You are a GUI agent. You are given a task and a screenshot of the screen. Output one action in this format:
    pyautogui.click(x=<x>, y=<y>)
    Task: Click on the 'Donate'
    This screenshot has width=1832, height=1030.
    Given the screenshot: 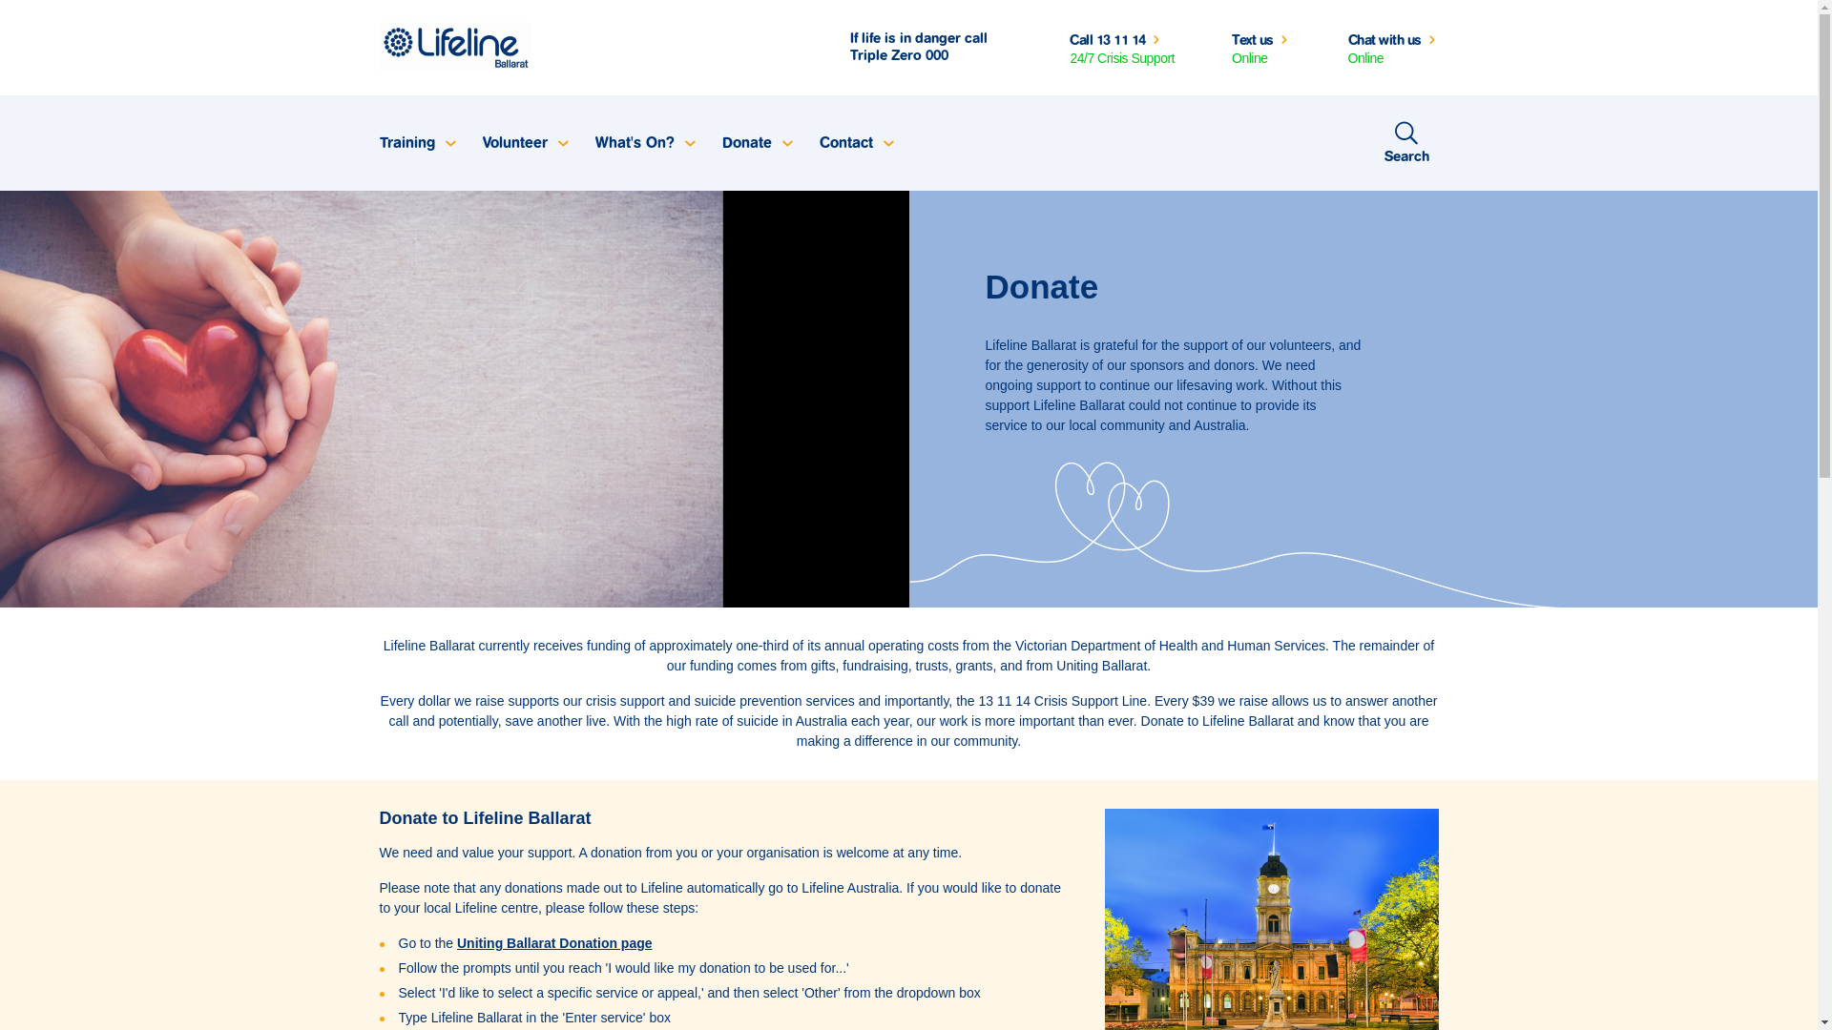 What is the action you would take?
    pyautogui.click(x=755, y=142)
    